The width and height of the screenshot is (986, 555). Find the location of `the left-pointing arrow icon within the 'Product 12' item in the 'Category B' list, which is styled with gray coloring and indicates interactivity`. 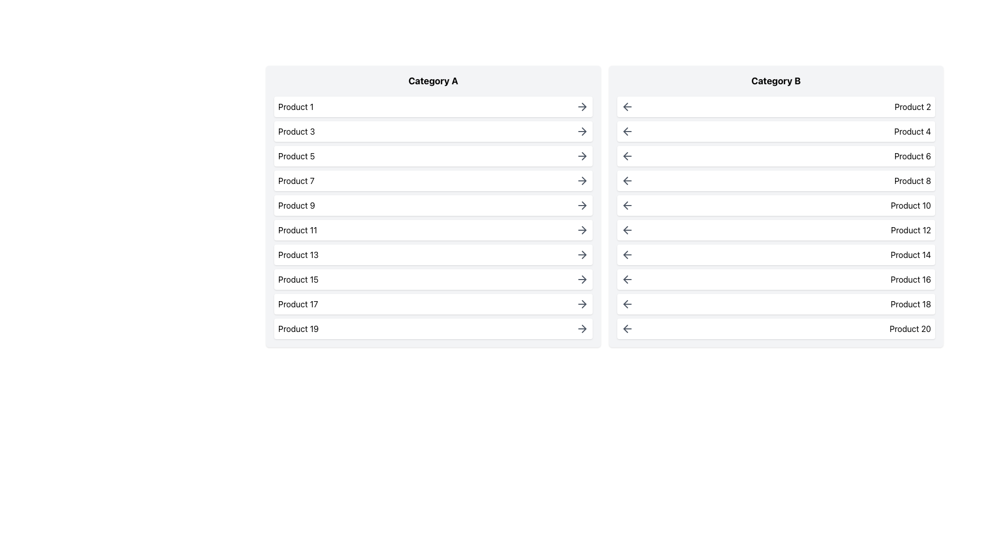

the left-pointing arrow icon within the 'Product 12' item in the 'Category B' list, which is styled with gray coloring and indicates interactivity is located at coordinates (627, 229).